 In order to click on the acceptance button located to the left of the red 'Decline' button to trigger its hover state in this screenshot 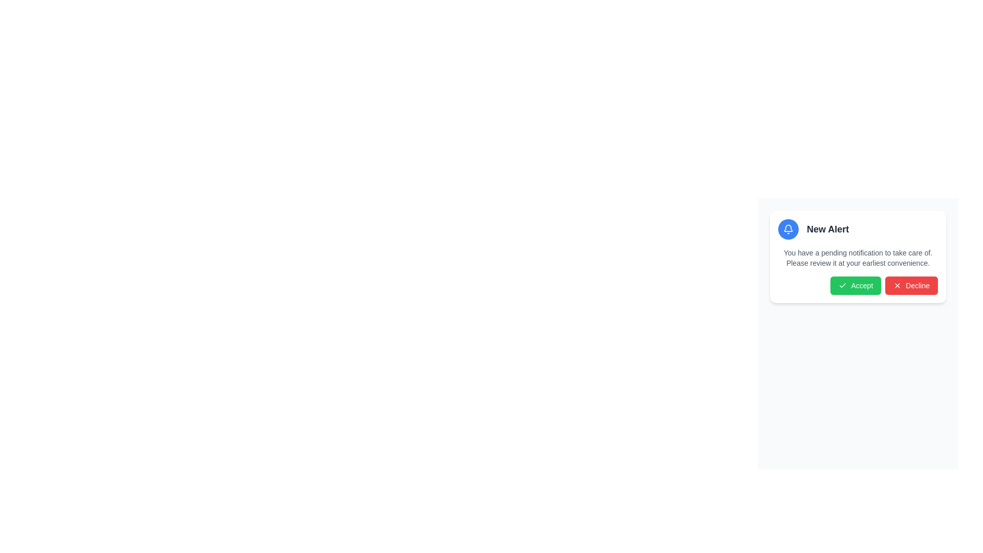, I will do `click(856, 286)`.